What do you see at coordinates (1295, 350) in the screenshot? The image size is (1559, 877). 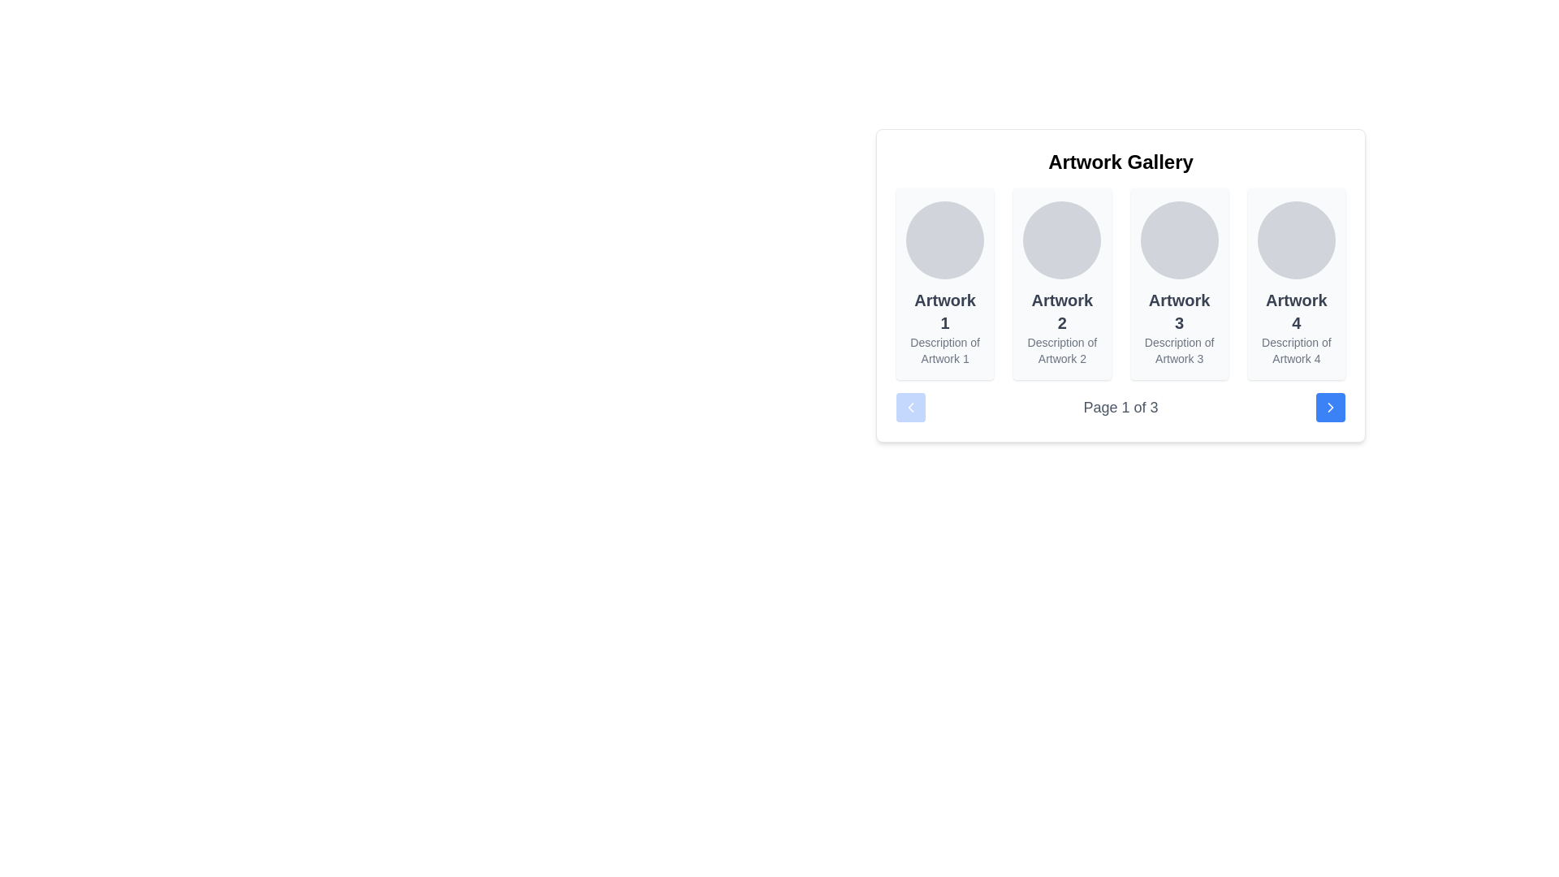 I see `text content of the label displaying 'Description of Artwork 4', which is styled in gray color and is centered beneath the 'Artwork 4' text` at bounding box center [1295, 350].